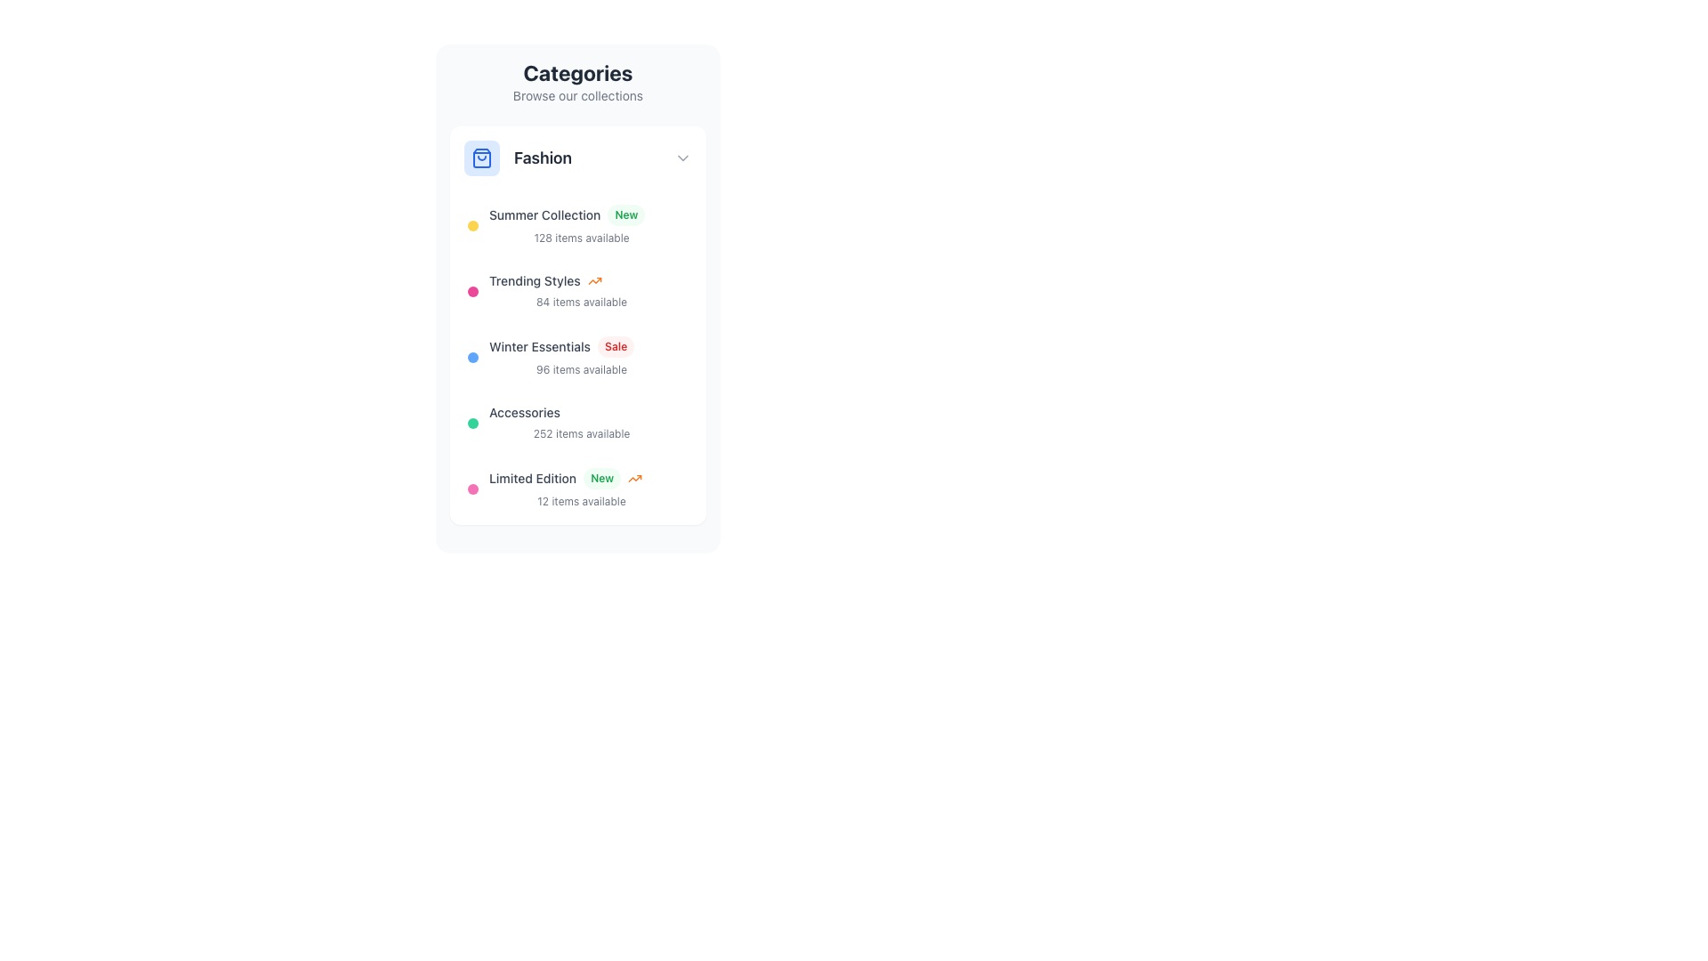  What do you see at coordinates (577, 357) in the screenshot?
I see `the 'Winter Essentials' list item in the shopping category menu` at bounding box center [577, 357].